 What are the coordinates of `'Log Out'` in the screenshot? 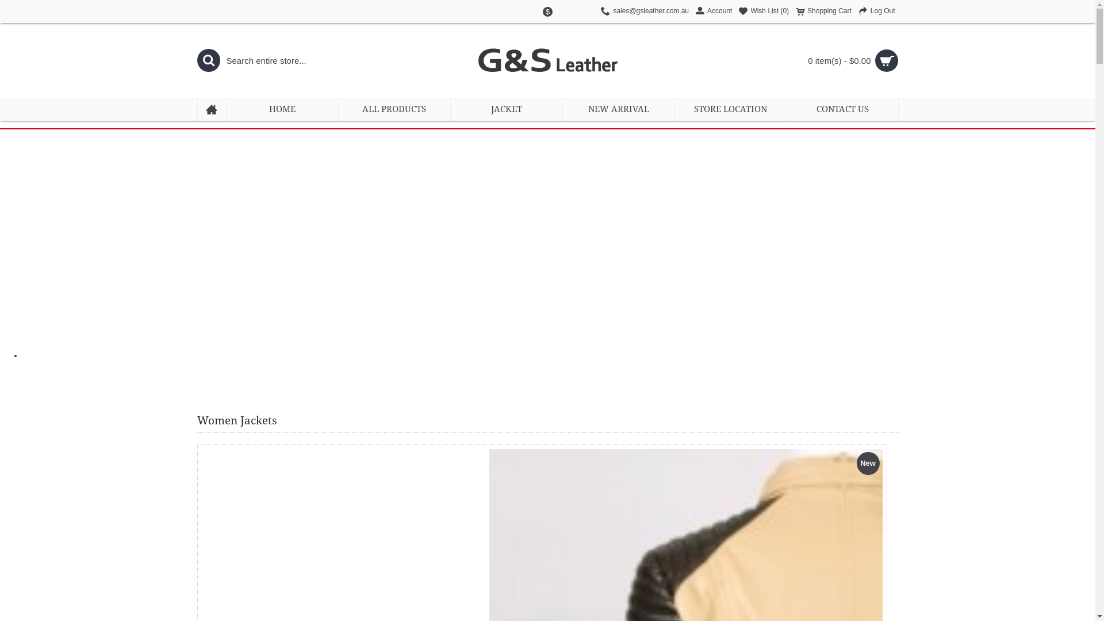 It's located at (855, 11).